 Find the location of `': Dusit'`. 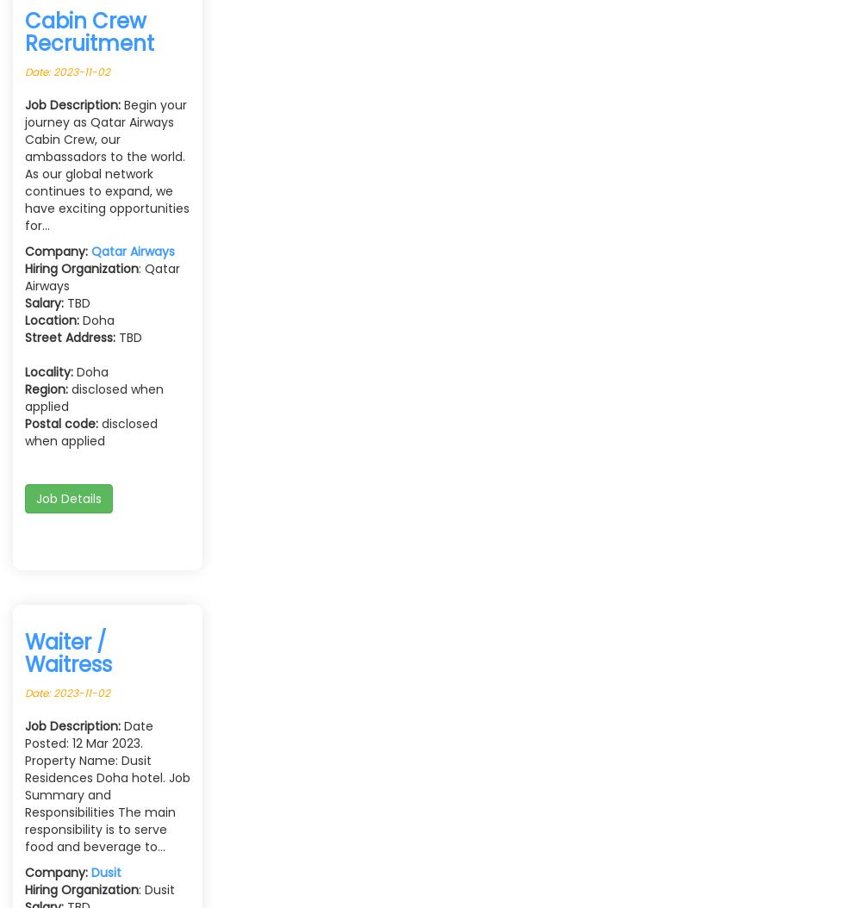

': Dusit' is located at coordinates (156, 887).